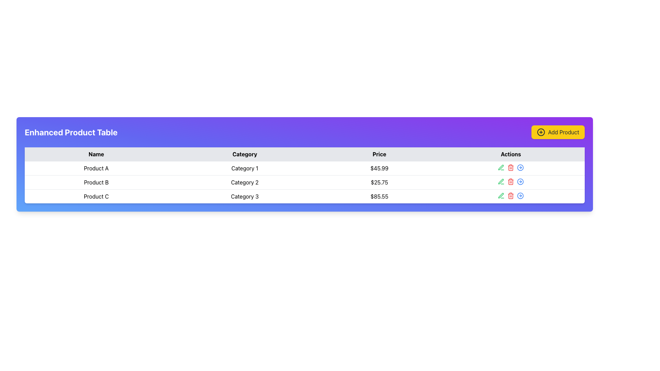  Describe the element at coordinates (511, 196) in the screenshot. I see `the red trash icon in the 'Actions' column of the table` at that location.